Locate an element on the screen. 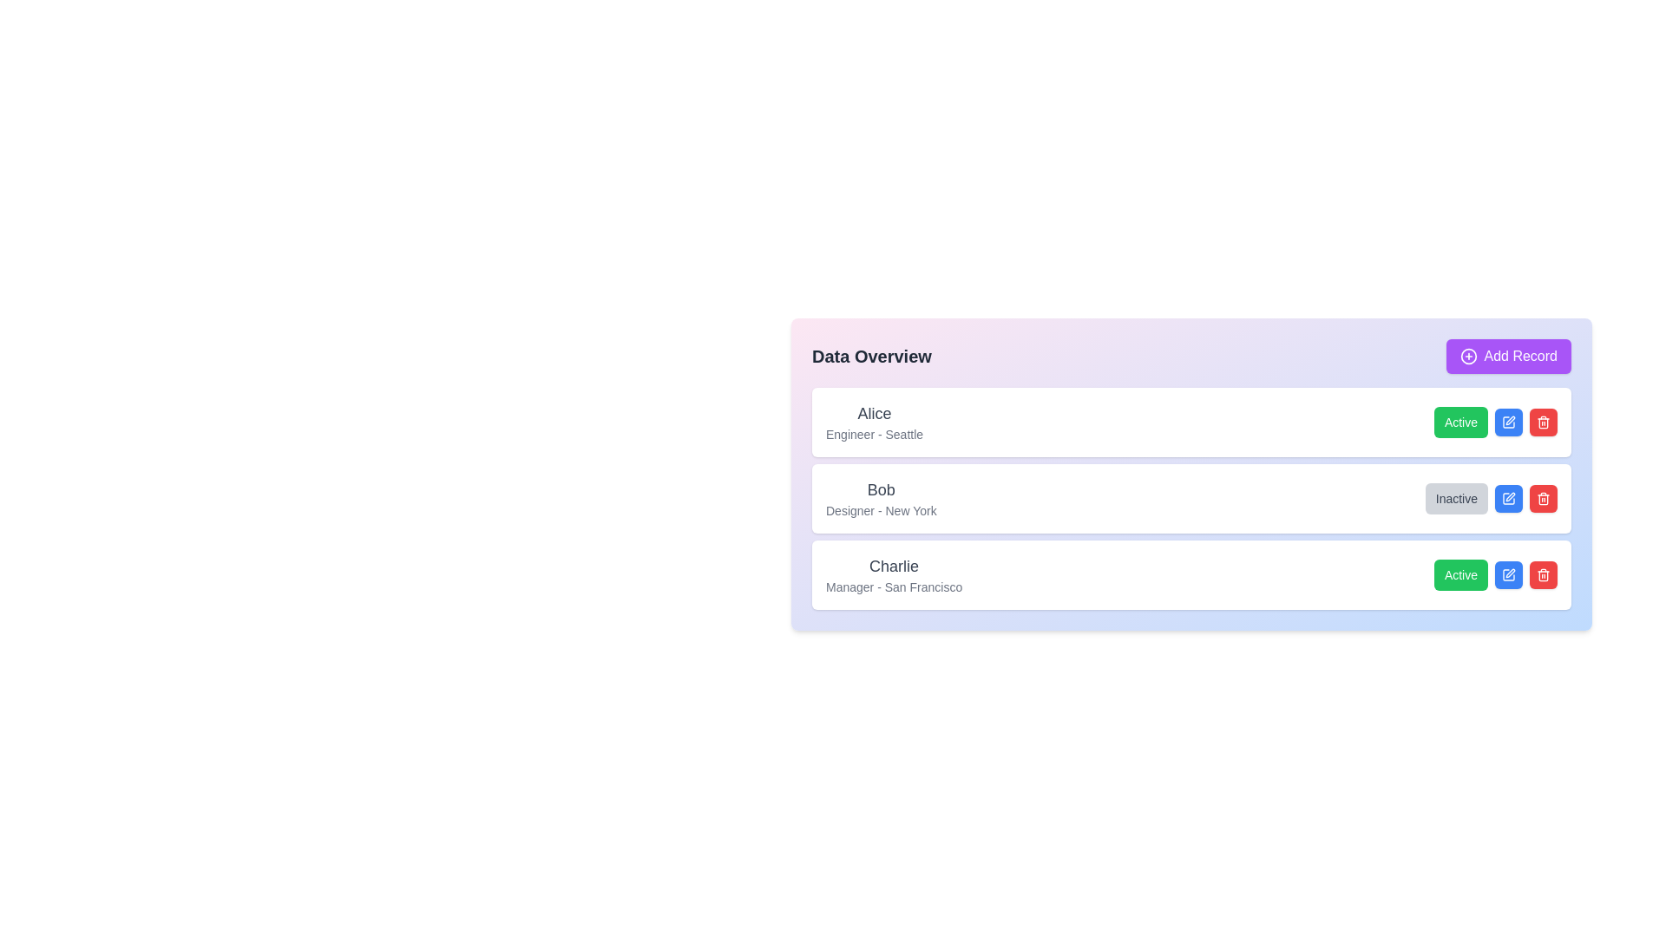  the second row of the 'Data Overview' list is located at coordinates (1190, 498).